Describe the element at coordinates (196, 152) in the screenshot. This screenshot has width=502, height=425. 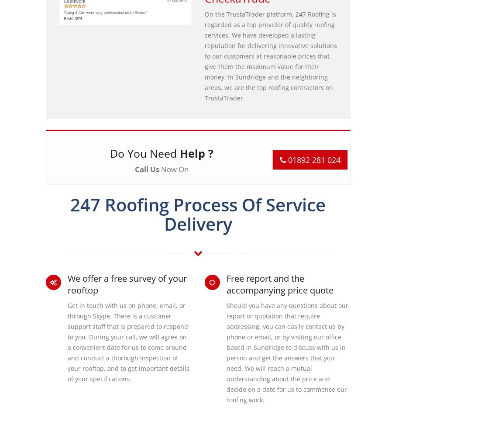
I see `'Help ?'` at that location.